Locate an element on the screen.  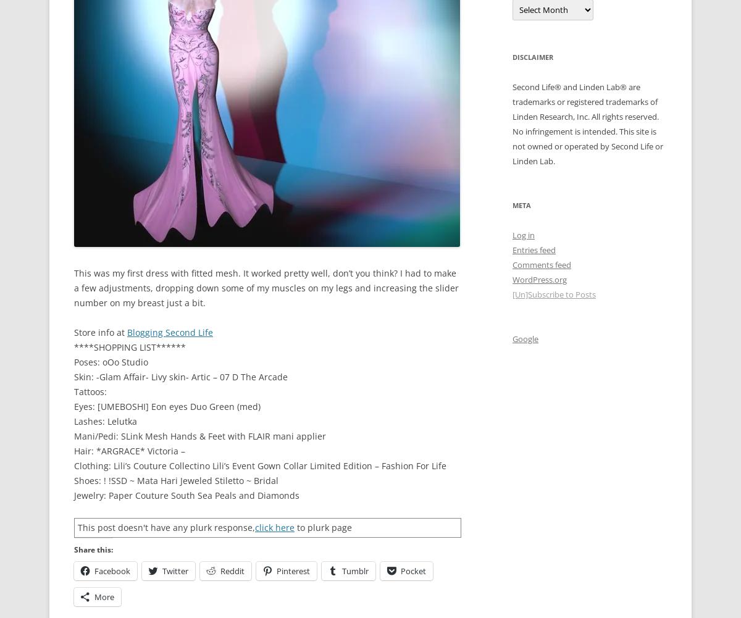
'WordPress.org' is located at coordinates (538, 278).